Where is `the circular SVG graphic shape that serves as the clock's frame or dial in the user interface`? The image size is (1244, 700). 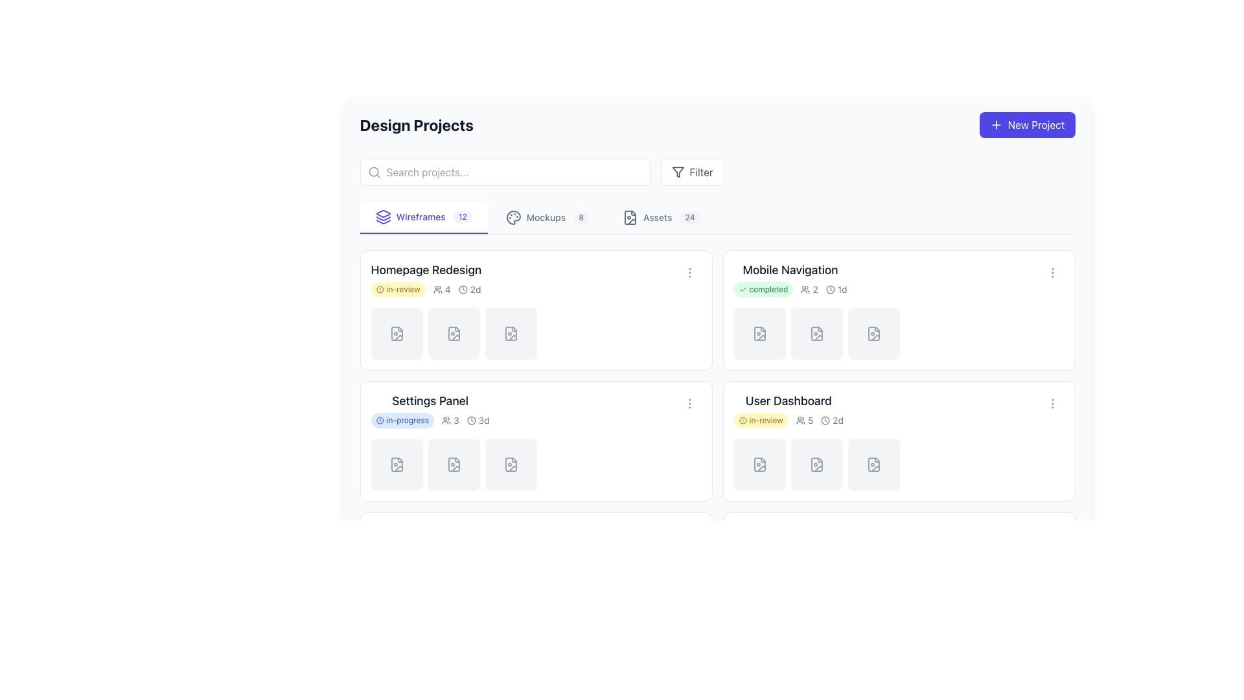
the circular SVG graphic shape that serves as the clock's frame or dial in the user interface is located at coordinates (463, 289).